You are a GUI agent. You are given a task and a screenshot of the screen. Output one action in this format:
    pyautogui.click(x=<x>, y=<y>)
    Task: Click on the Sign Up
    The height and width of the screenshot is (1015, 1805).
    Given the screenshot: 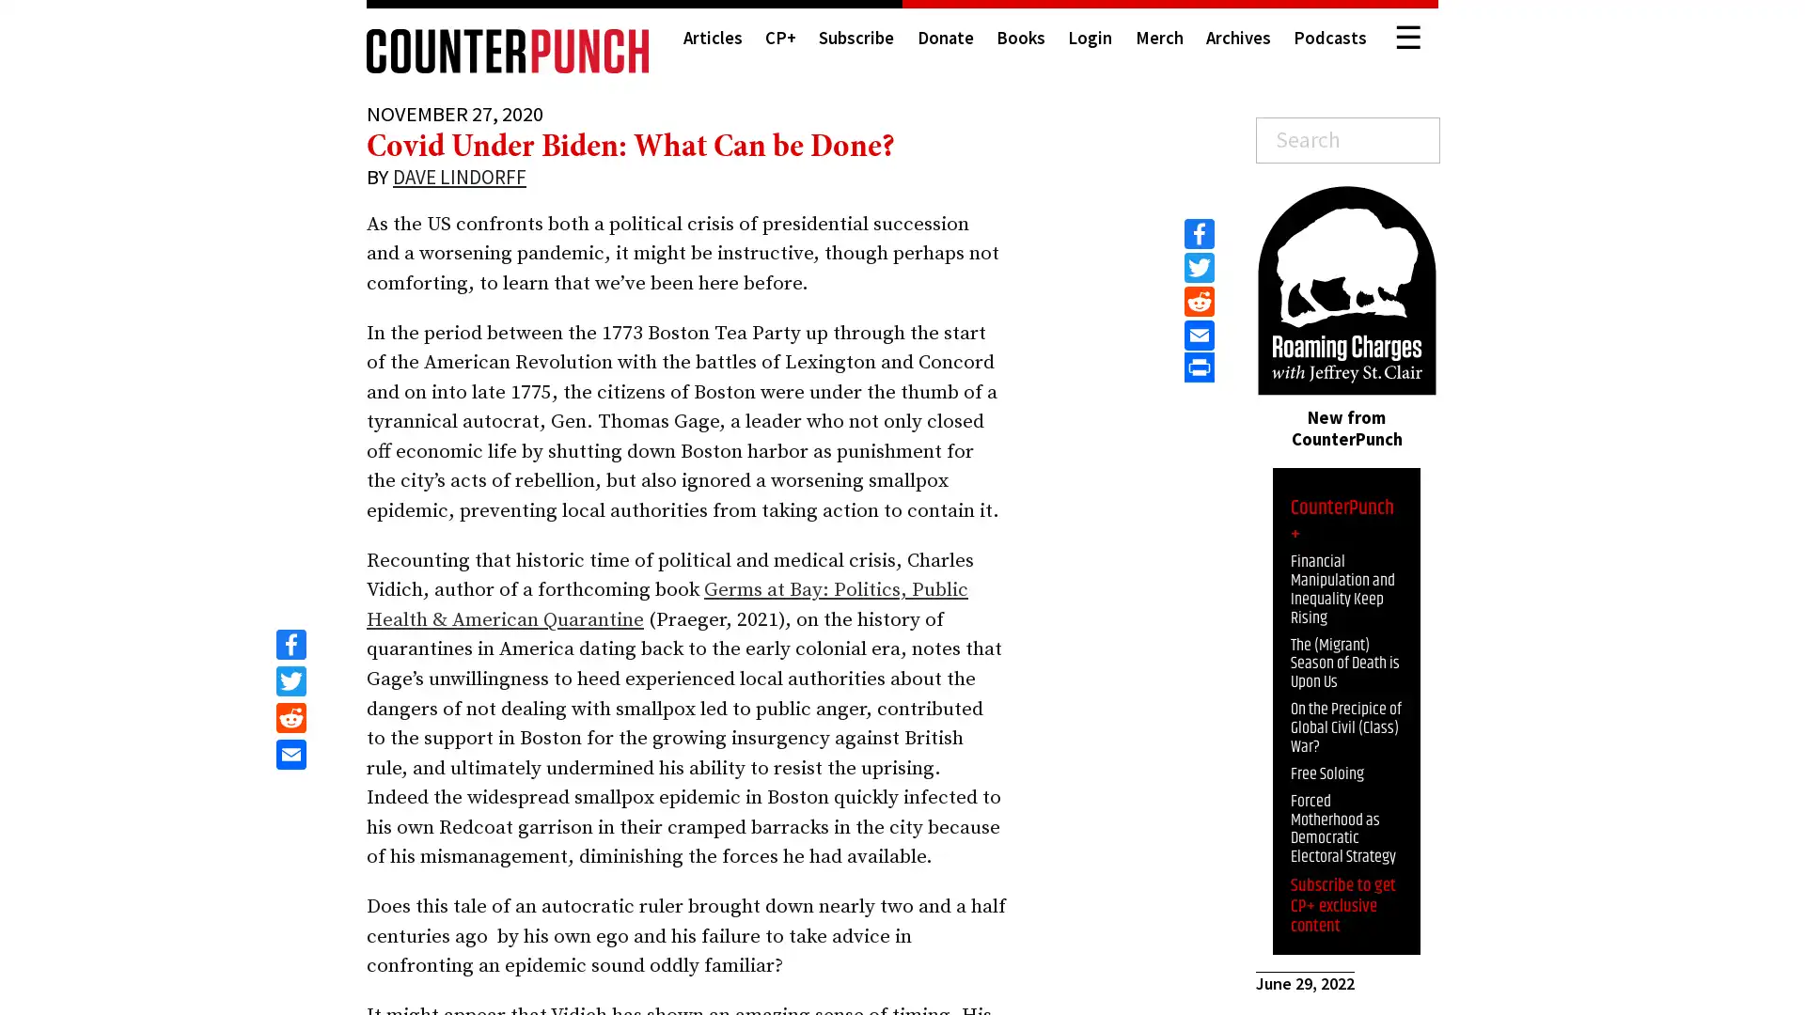 What is the action you would take?
    pyautogui.click(x=1644, y=974)
    